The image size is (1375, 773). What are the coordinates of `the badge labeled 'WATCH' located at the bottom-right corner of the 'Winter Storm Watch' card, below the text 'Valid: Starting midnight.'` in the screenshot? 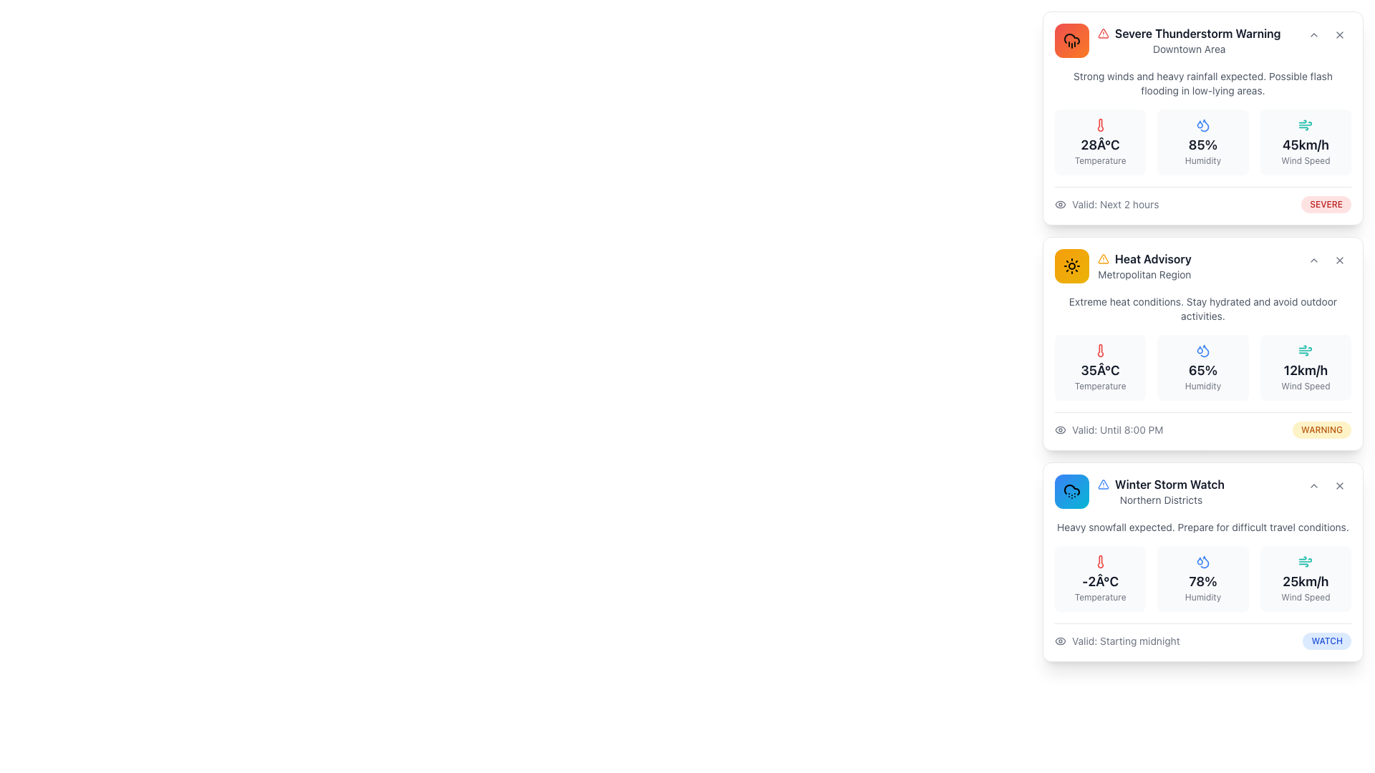 It's located at (1326, 640).